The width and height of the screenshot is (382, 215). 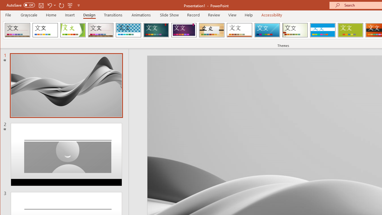 What do you see at coordinates (184, 30) in the screenshot?
I see `'Ion Boardroom'` at bounding box center [184, 30].